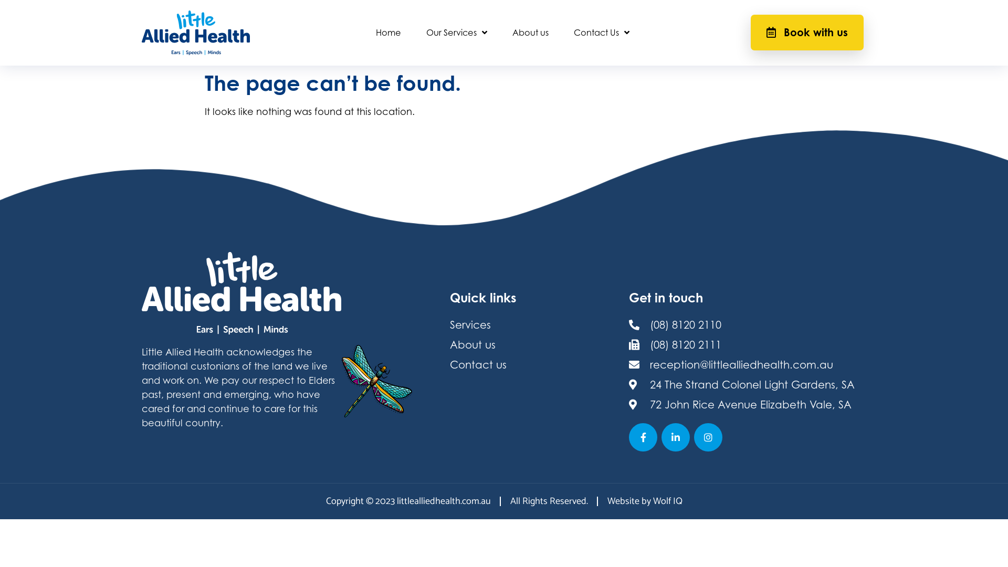 The height and width of the screenshot is (567, 1008). What do you see at coordinates (396, 501) in the screenshot?
I see `'littlealliedhealth.com.au'` at bounding box center [396, 501].